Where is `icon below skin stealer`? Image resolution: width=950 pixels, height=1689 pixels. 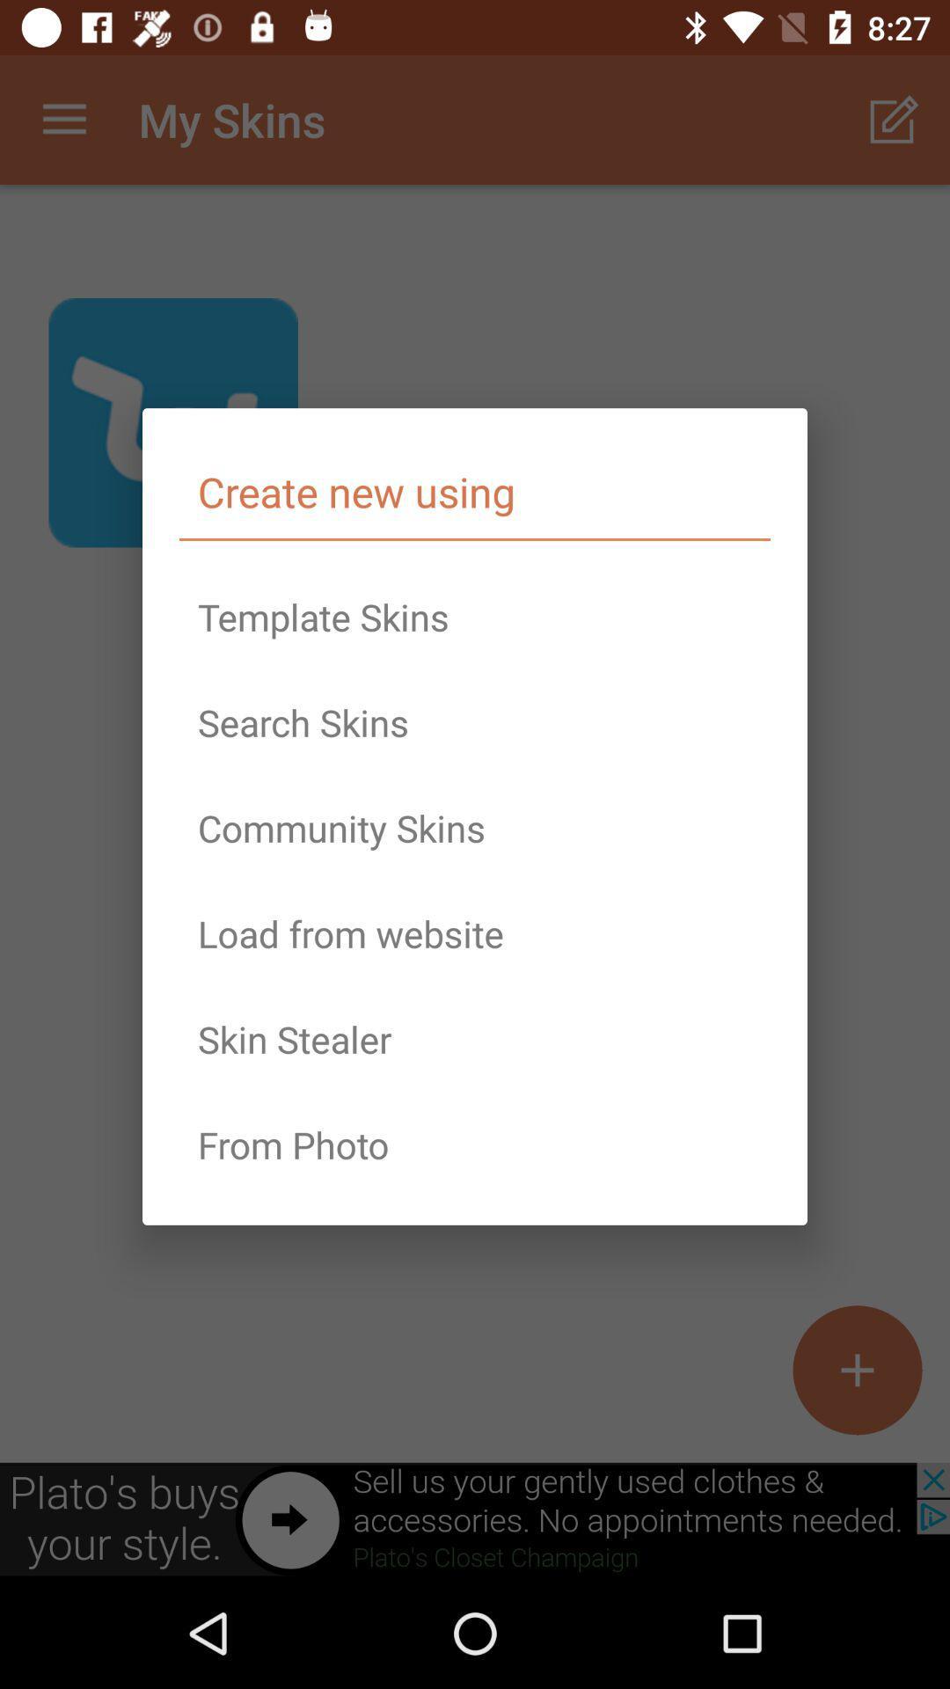 icon below skin stealer is located at coordinates (475, 1144).